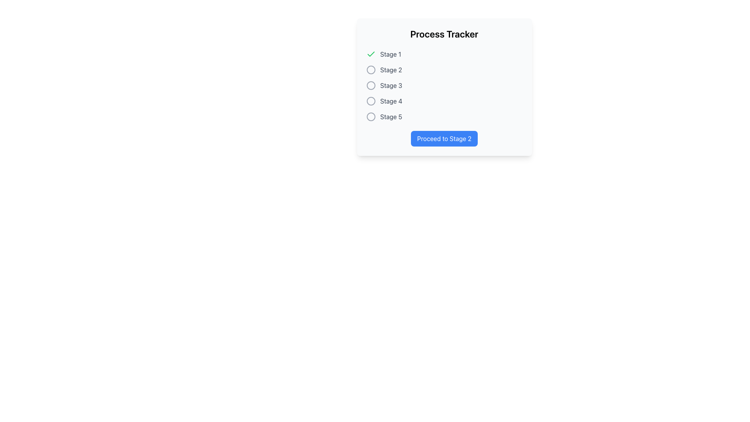 Image resolution: width=750 pixels, height=422 pixels. Describe the element at coordinates (384, 69) in the screenshot. I see `the 'Stage 2' text label in the 'Process Tracker' component, which indicates an inactive stage in the multi-step process` at that location.